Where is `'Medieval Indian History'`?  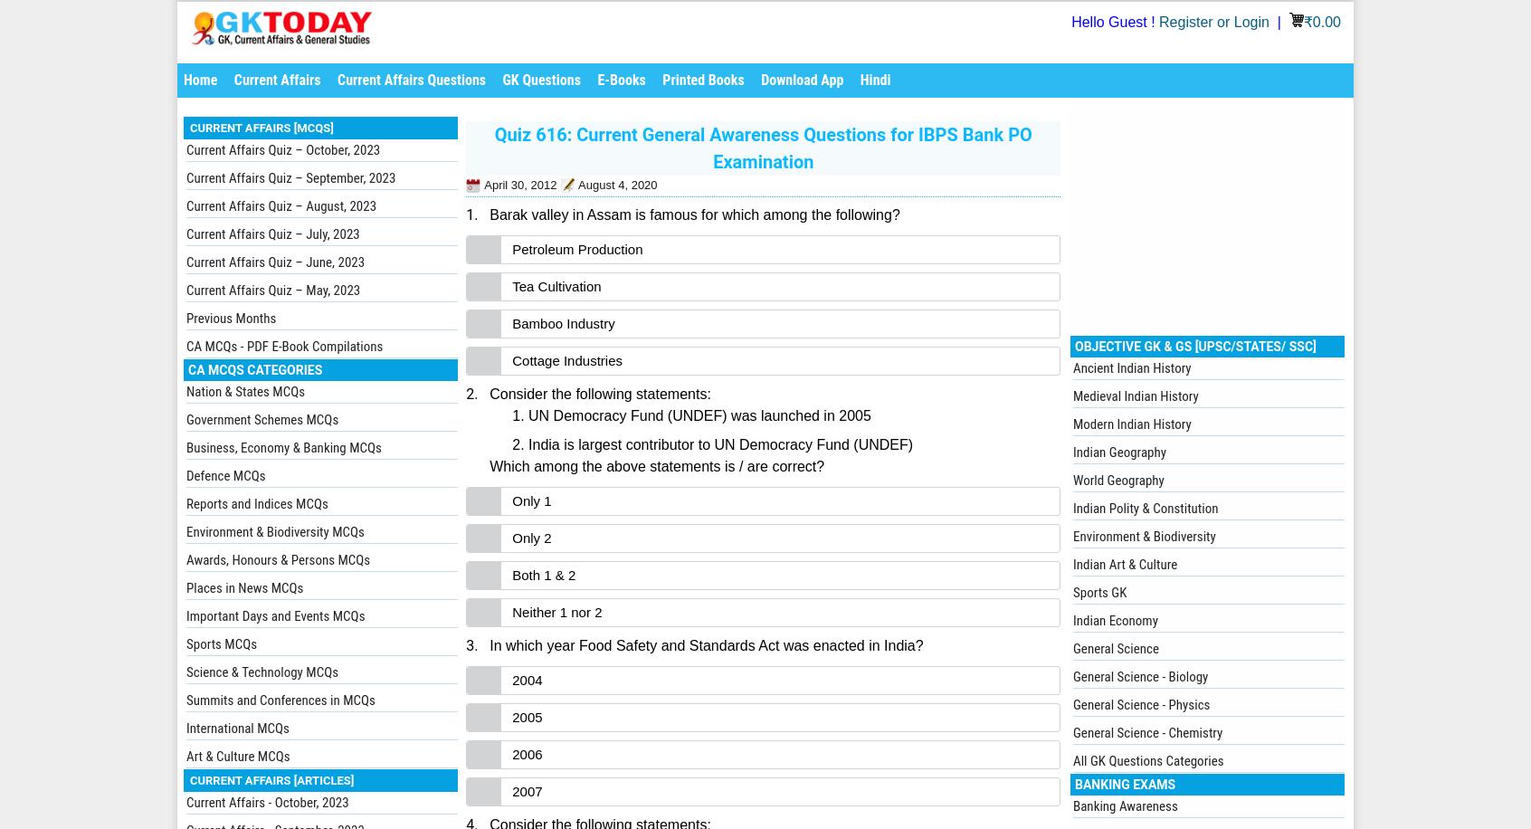 'Medieval Indian History' is located at coordinates (1071, 395).